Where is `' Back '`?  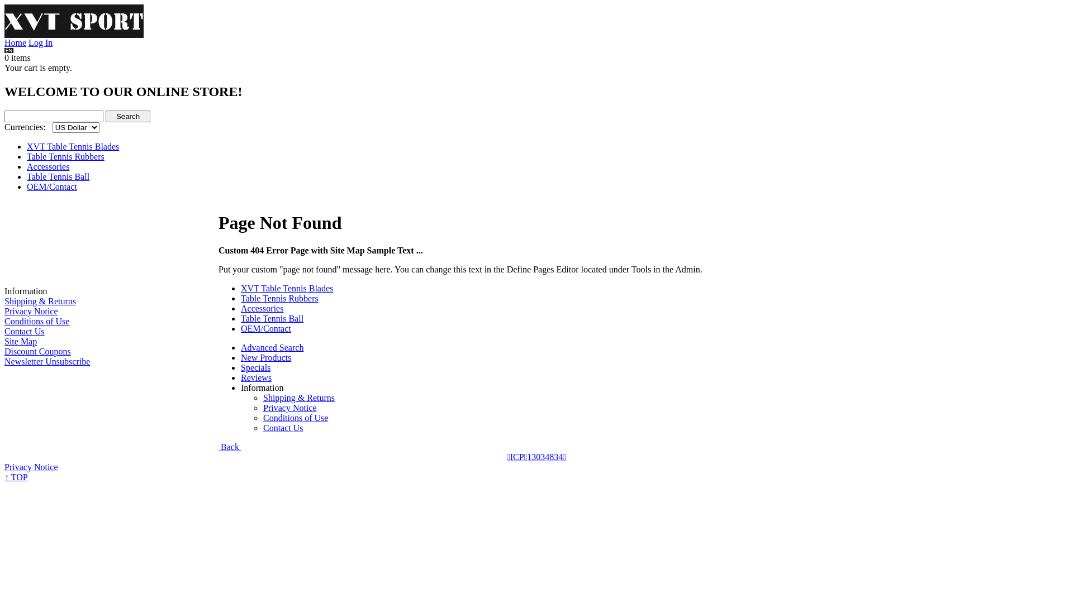
' Back ' is located at coordinates (229, 446).